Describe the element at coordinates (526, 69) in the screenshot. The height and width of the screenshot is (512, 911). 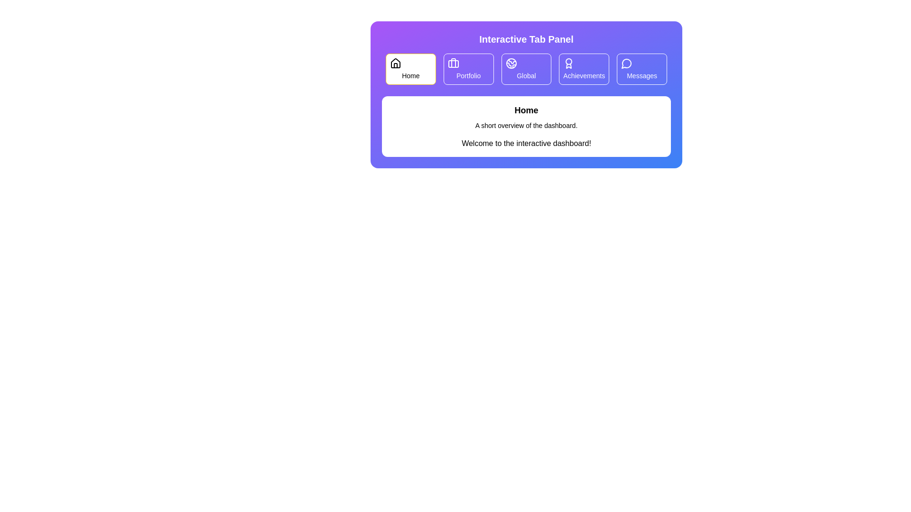
I see `the 'Global' button, which is a rectangular UI component with a purple background, a globe icon on the left, and white text centered below the icon in a navigation menu` at that location.